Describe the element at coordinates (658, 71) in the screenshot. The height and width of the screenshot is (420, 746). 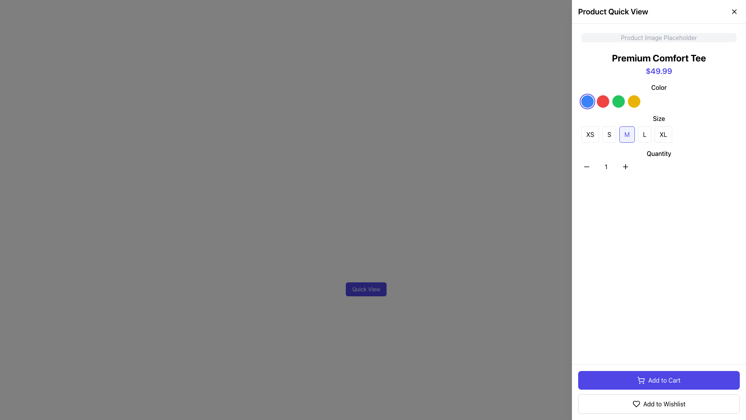
I see `the price label displayed below the 'Premium Comfort Tee' title in the product details section` at that location.